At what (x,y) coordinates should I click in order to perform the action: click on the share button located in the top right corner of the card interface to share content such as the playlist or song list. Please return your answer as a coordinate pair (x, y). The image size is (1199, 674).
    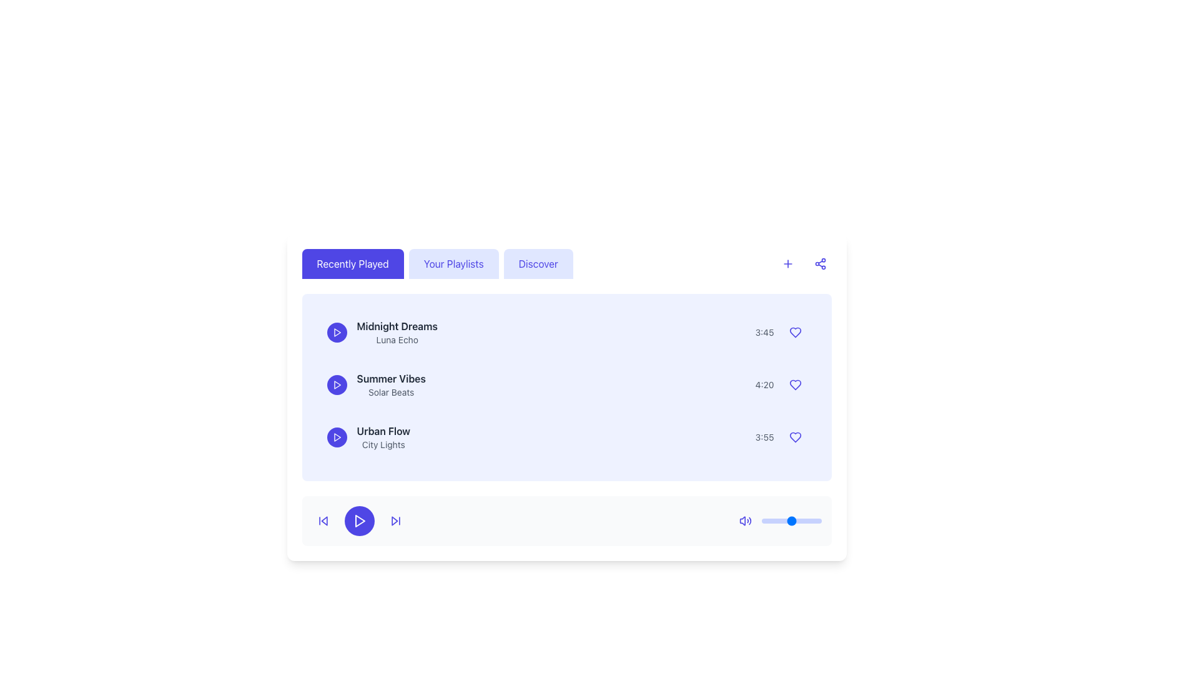
    Looking at the image, I should click on (820, 263).